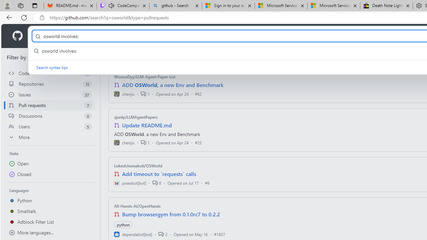 Image resolution: width=427 pixels, height=240 pixels. What do you see at coordinates (137, 206) in the screenshot?
I see `'All-Hands-AI/OpenHands'` at bounding box center [137, 206].